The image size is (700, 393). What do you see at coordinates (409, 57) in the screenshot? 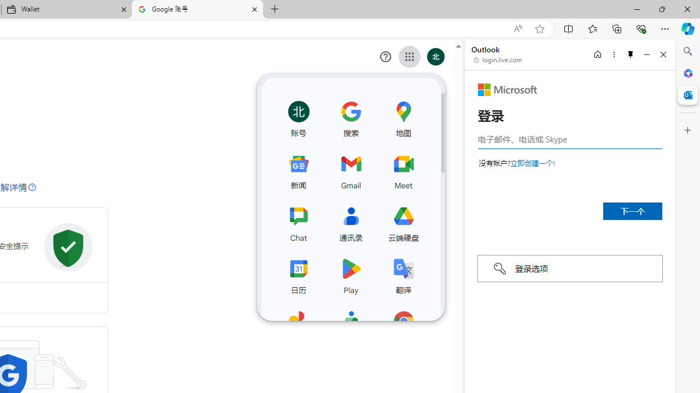
I see `'Class: gb_E'` at bounding box center [409, 57].